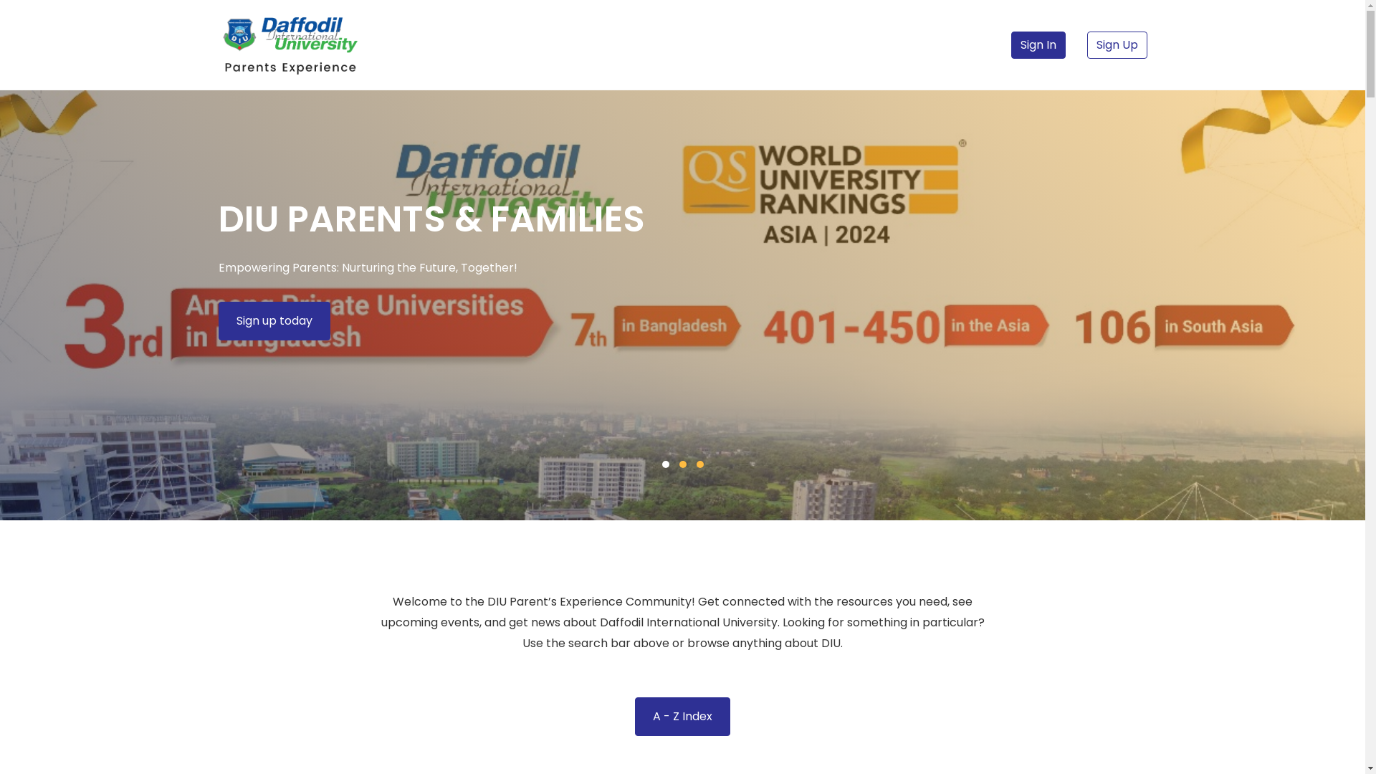 Image resolution: width=1376 pixels, height=774 pixels. Describe the element at coordinates (1116, 44) in the screenshot. I see `'Sign Up'` at that location.